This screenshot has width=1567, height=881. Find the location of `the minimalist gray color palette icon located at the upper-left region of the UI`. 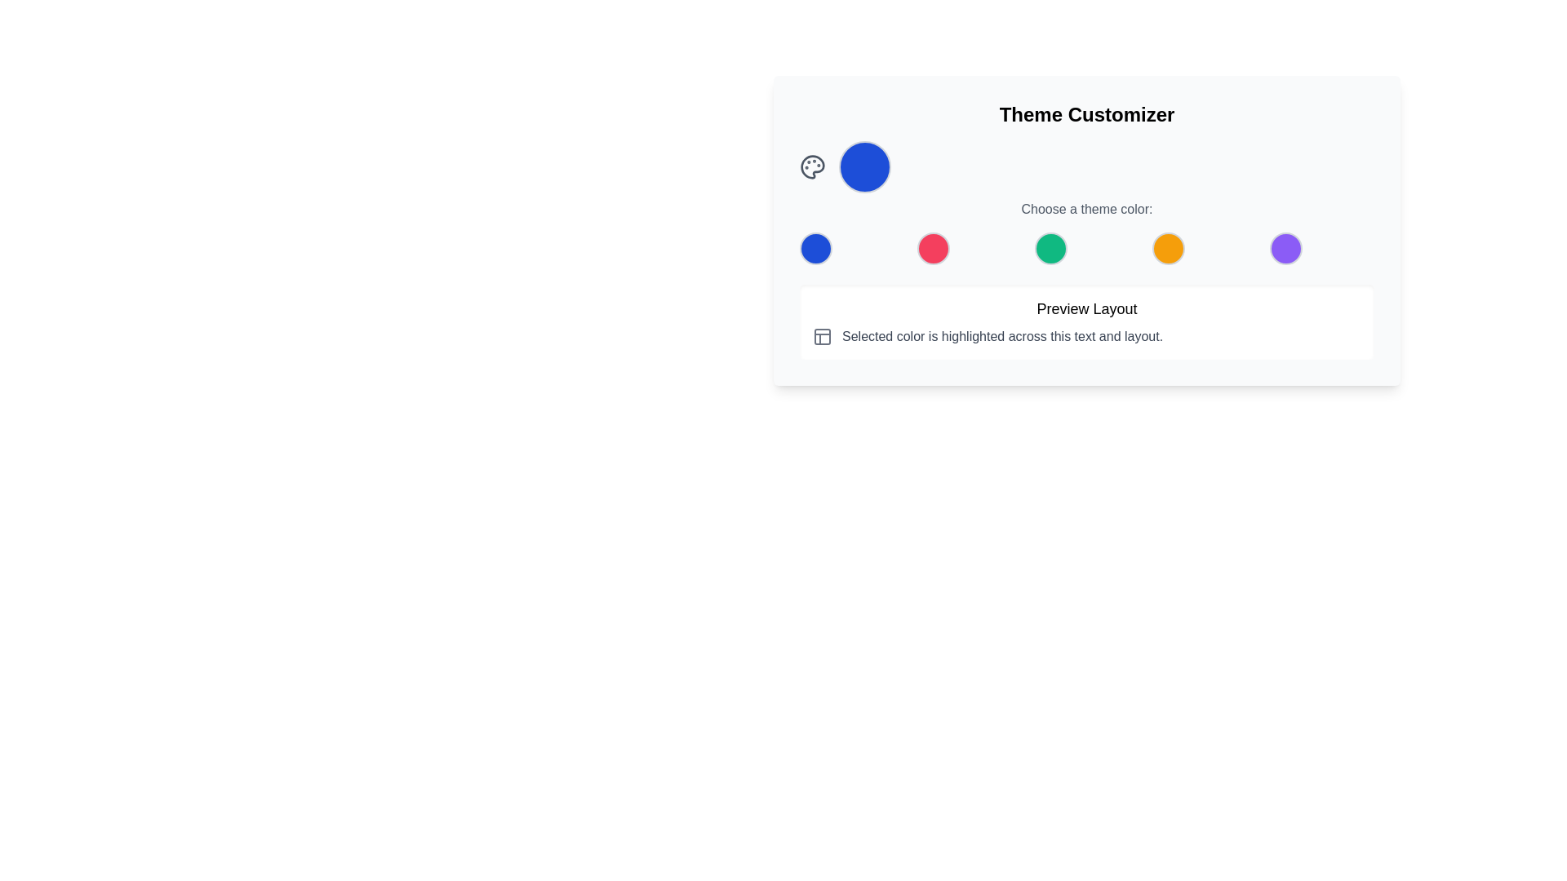

the minimalist gray color palette icon located at the upper-left region of the UI is located at coordinates (813, 166).